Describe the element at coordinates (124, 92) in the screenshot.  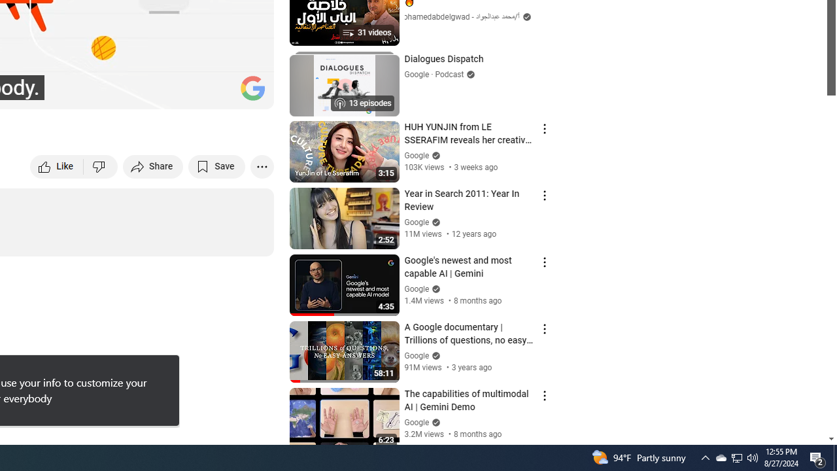
I see `'Subtitles/closed captions unavailable'` at that location.